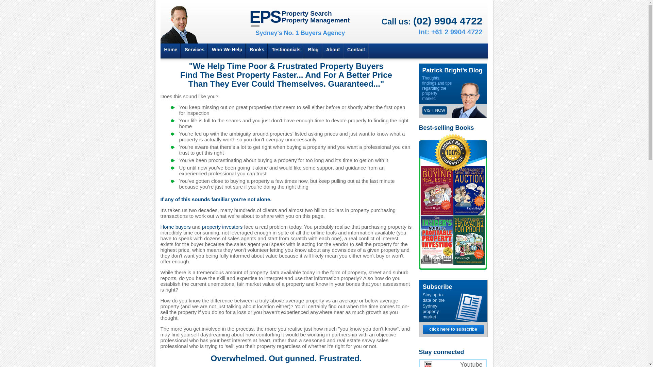  I want to click on 'Jump to Navigation', so click(323, 1).